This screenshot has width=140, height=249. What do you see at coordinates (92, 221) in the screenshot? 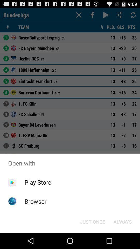
I see `the just once at the bottom` at bounding box center [92, 221].